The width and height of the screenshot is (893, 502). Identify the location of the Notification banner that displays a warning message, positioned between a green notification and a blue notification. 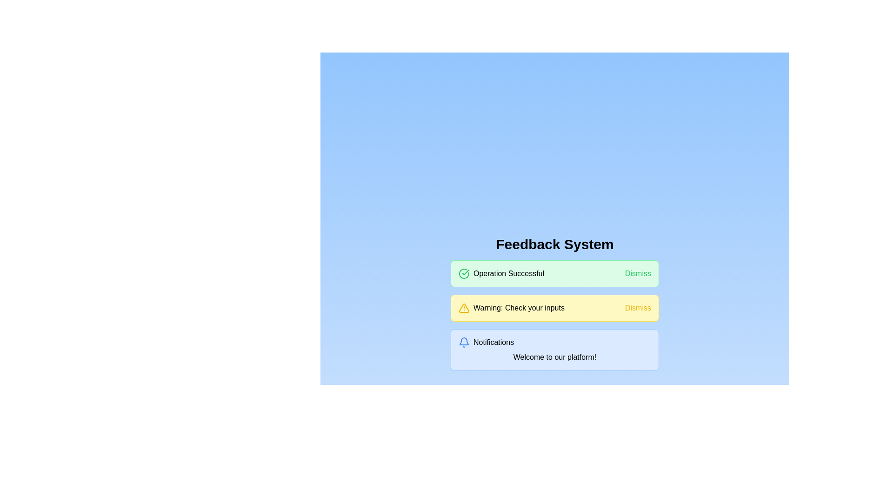
(555, 308).